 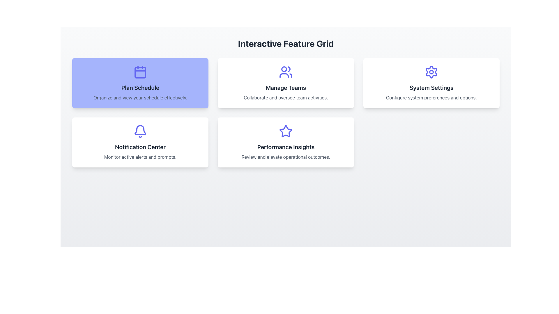 What do you see at coordinates (140, 130) in the screenshot?
I see `the decorative notification icon located in the 'Notification Center' feature card, positioned above the card's text content` at bounding box center [140, 130].